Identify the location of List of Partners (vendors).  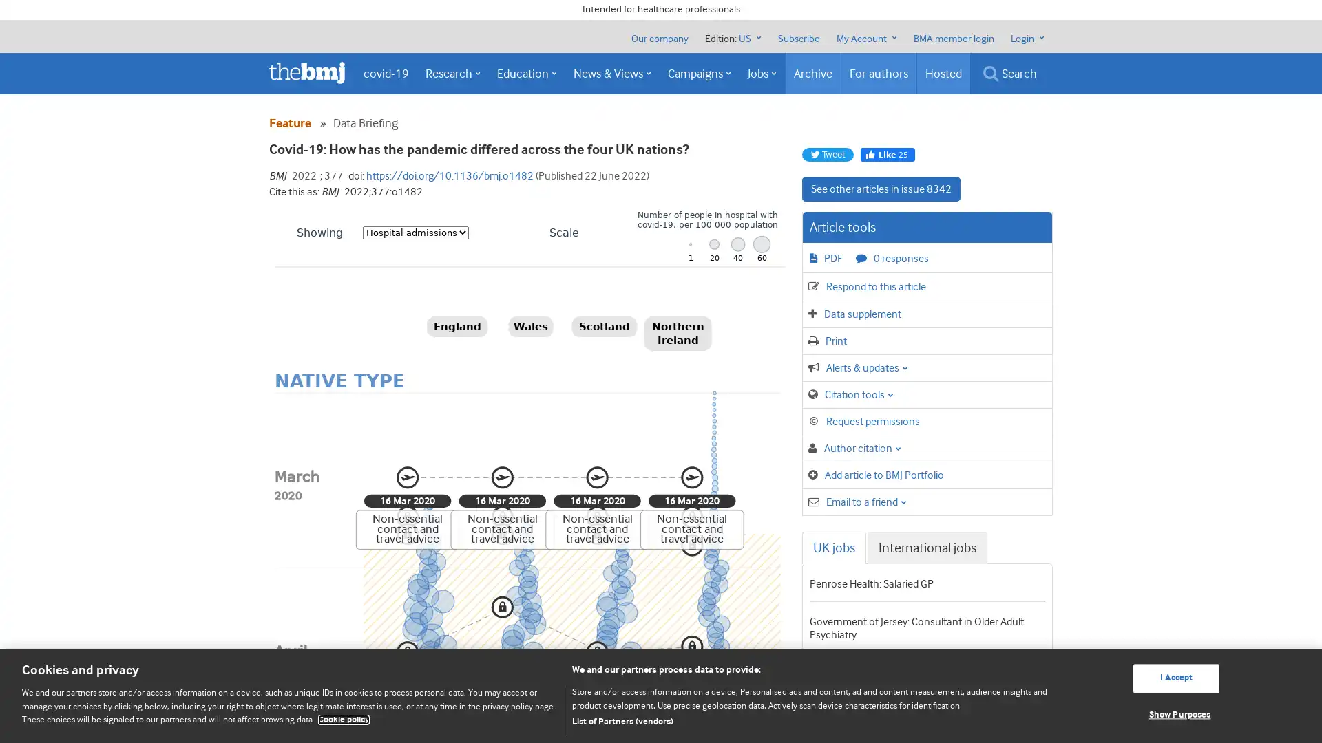
(812, 721).